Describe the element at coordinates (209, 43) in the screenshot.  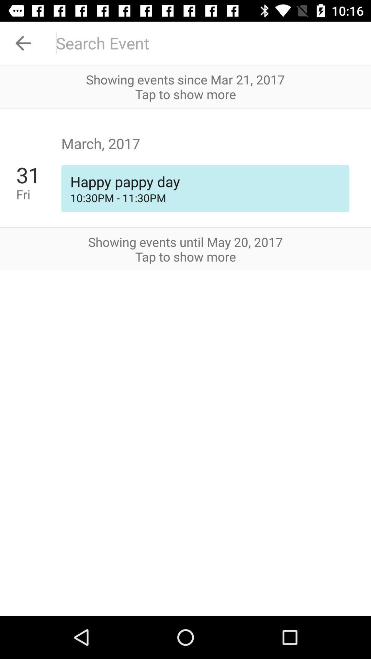
I see `search topic` at that location.